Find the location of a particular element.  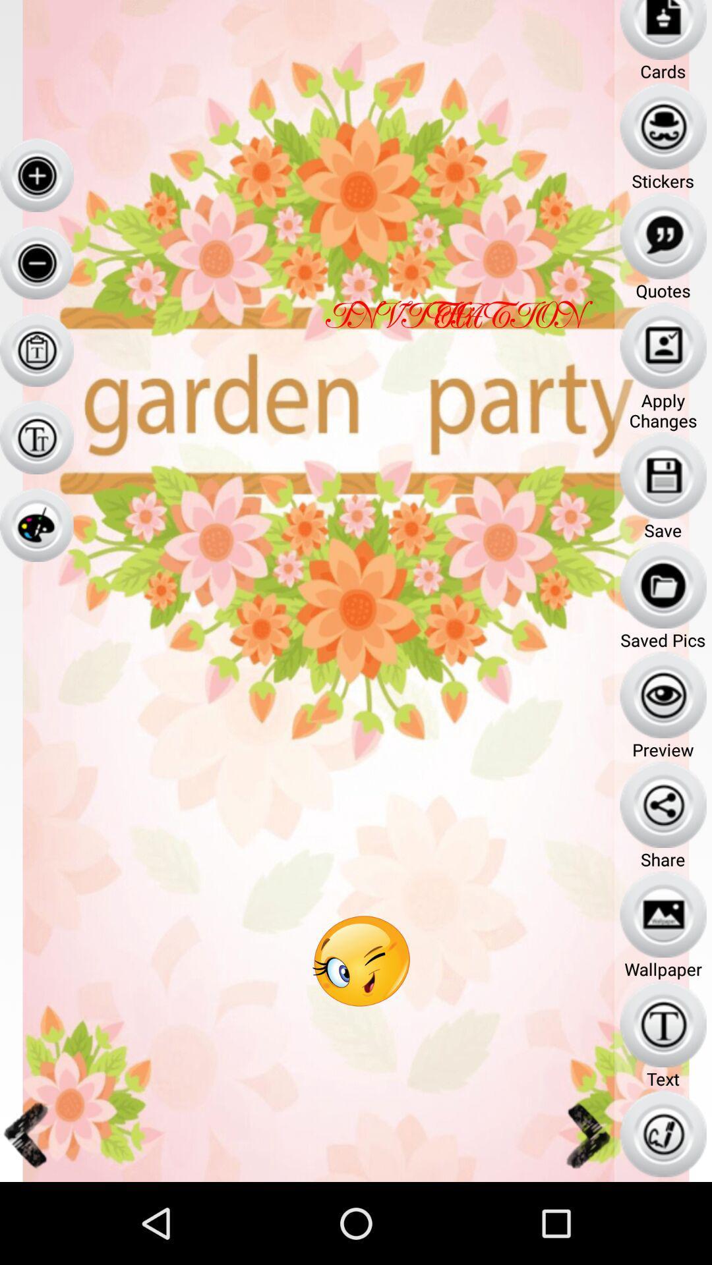

the info icon is located at coordinates (36, 468).